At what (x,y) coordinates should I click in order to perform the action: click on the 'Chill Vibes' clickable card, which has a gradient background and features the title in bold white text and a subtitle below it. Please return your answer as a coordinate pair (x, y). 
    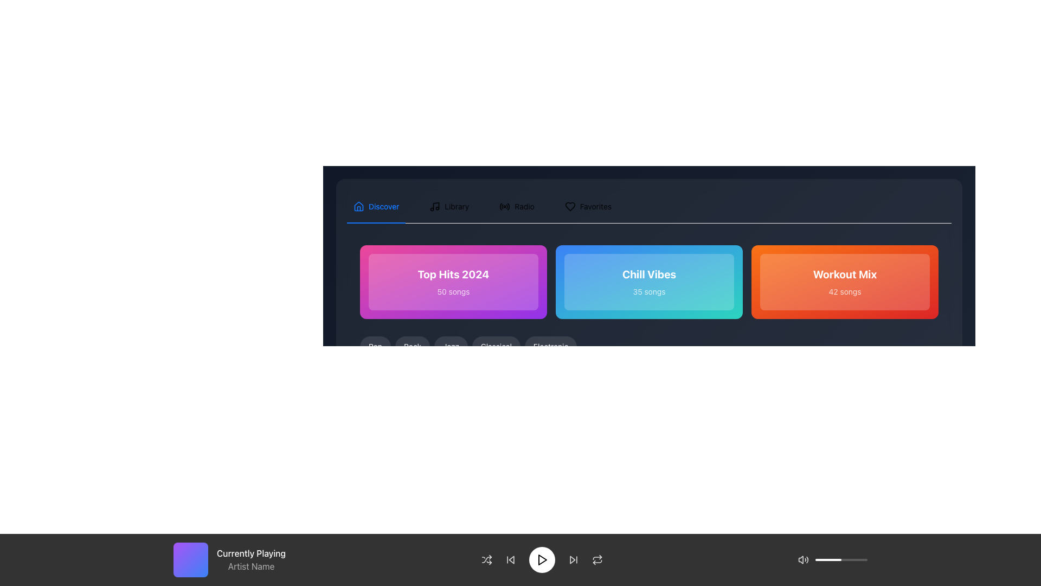
    Looking at the image, I should click on (649, 282).